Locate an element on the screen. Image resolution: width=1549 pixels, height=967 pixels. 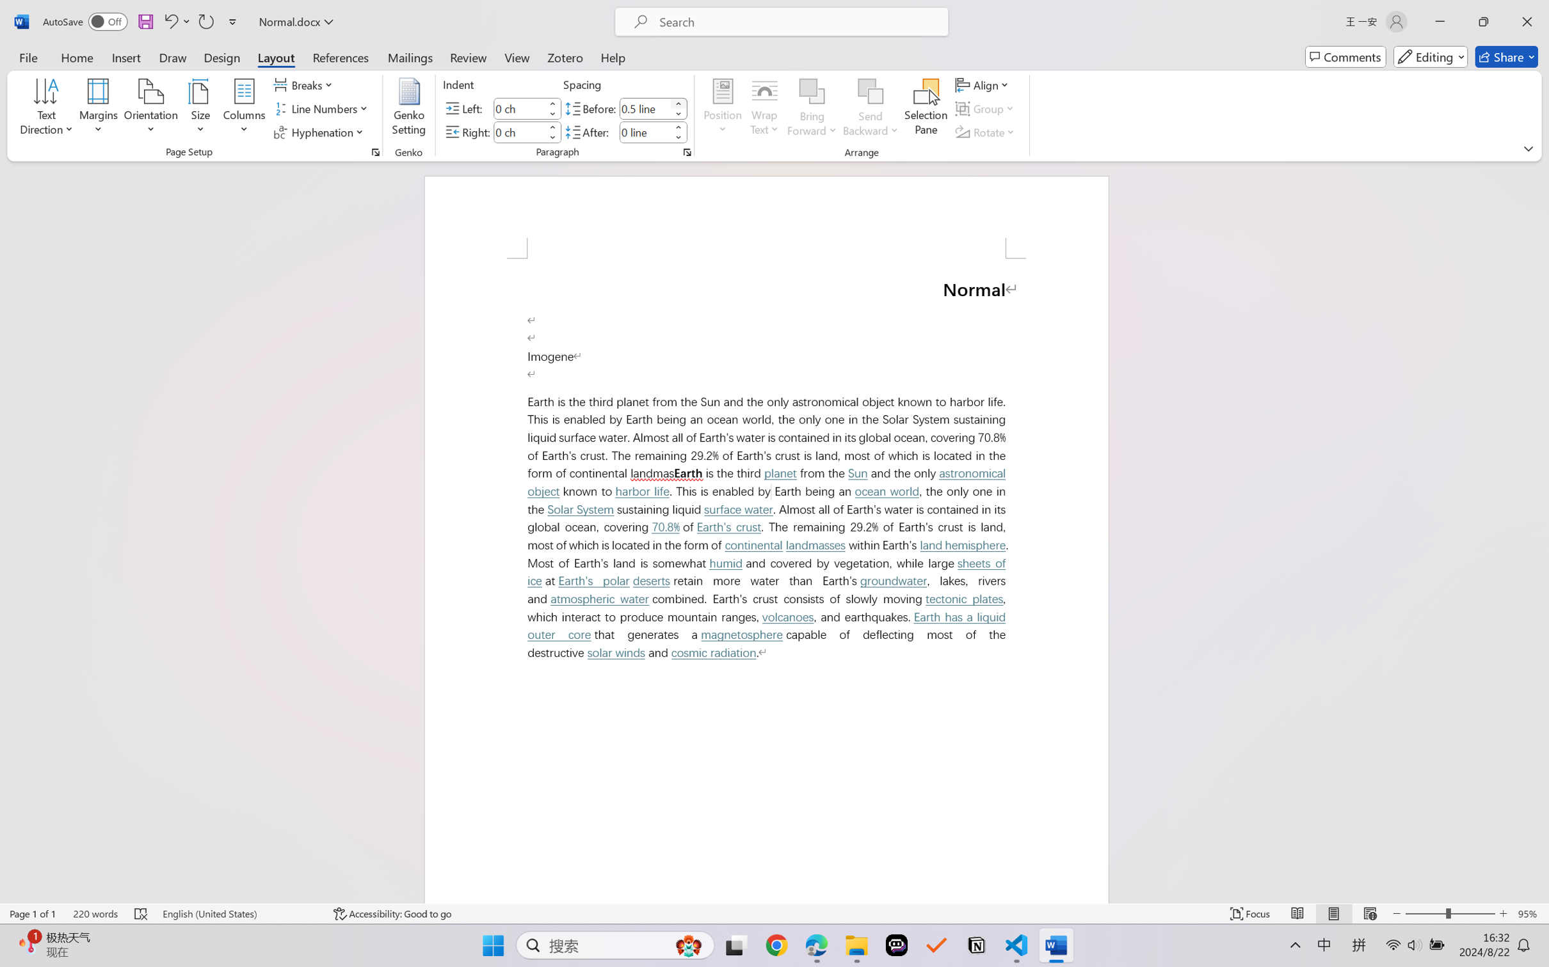
'Solar System' is located at coordinates (581, 510).